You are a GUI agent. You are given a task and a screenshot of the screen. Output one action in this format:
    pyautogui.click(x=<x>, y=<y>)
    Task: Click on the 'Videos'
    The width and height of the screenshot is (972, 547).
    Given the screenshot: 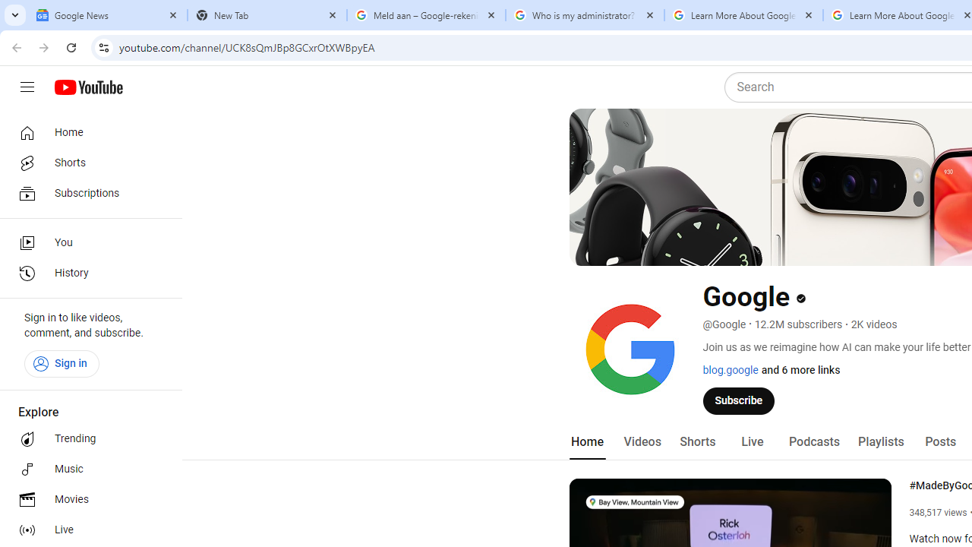 What is the action you would take?
    pyautogui.click(x=642, y=441)
    